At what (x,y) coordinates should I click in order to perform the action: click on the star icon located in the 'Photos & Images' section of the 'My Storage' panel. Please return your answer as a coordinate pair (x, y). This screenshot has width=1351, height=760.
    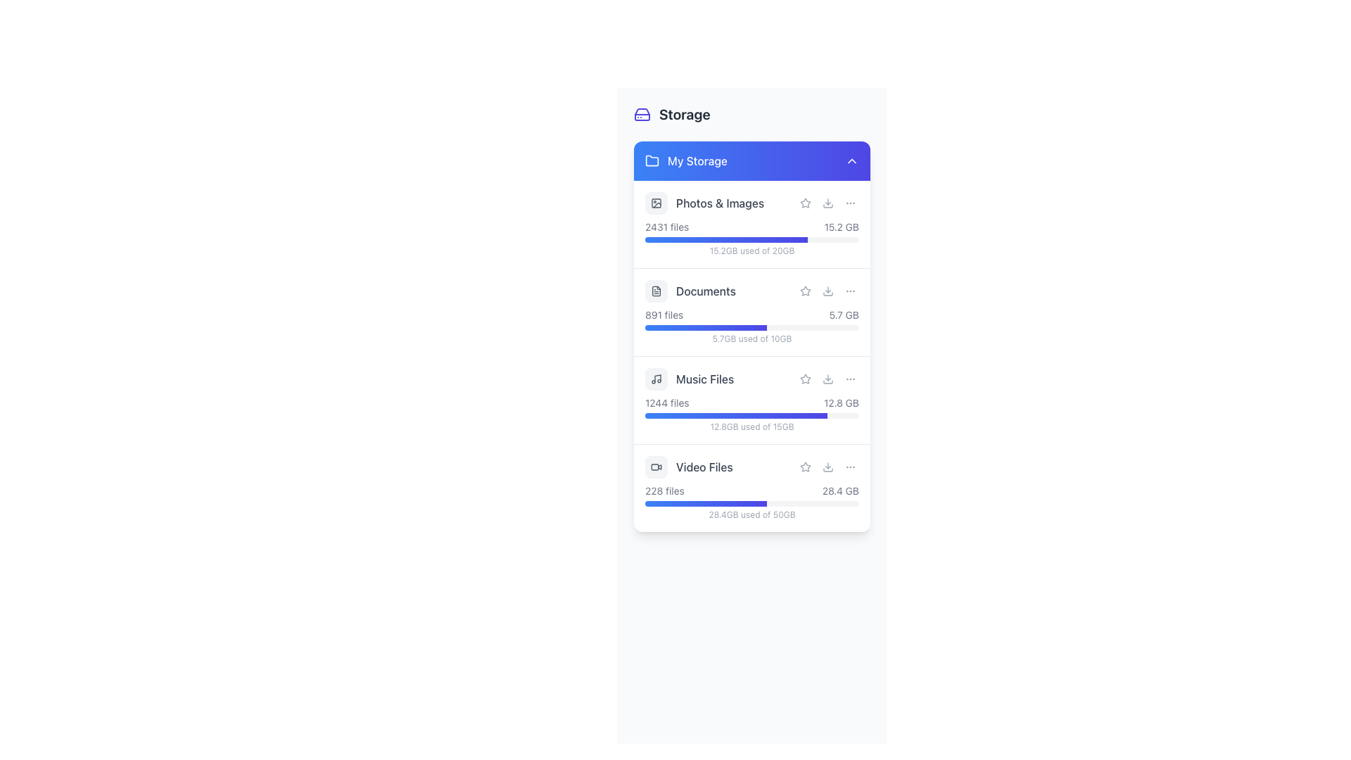
    Looking at the image, I should click on (806, 203).